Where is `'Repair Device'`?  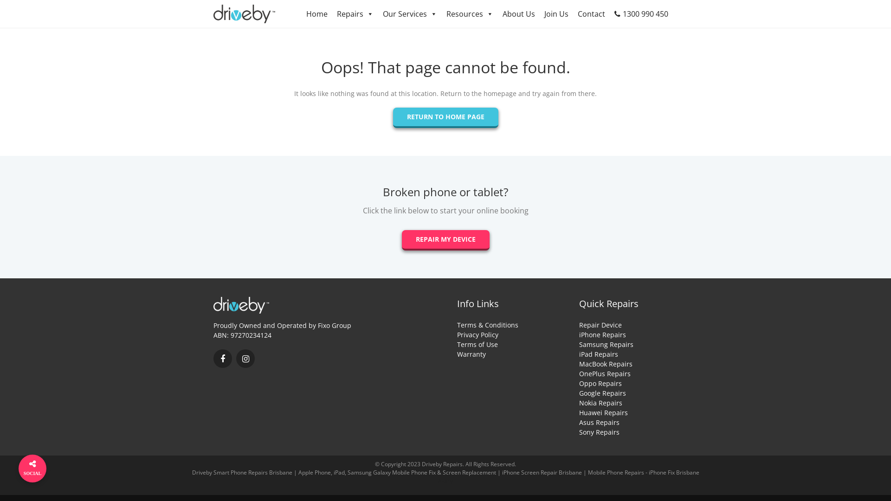
'Repair Device' is located at coordinates (600, 324).